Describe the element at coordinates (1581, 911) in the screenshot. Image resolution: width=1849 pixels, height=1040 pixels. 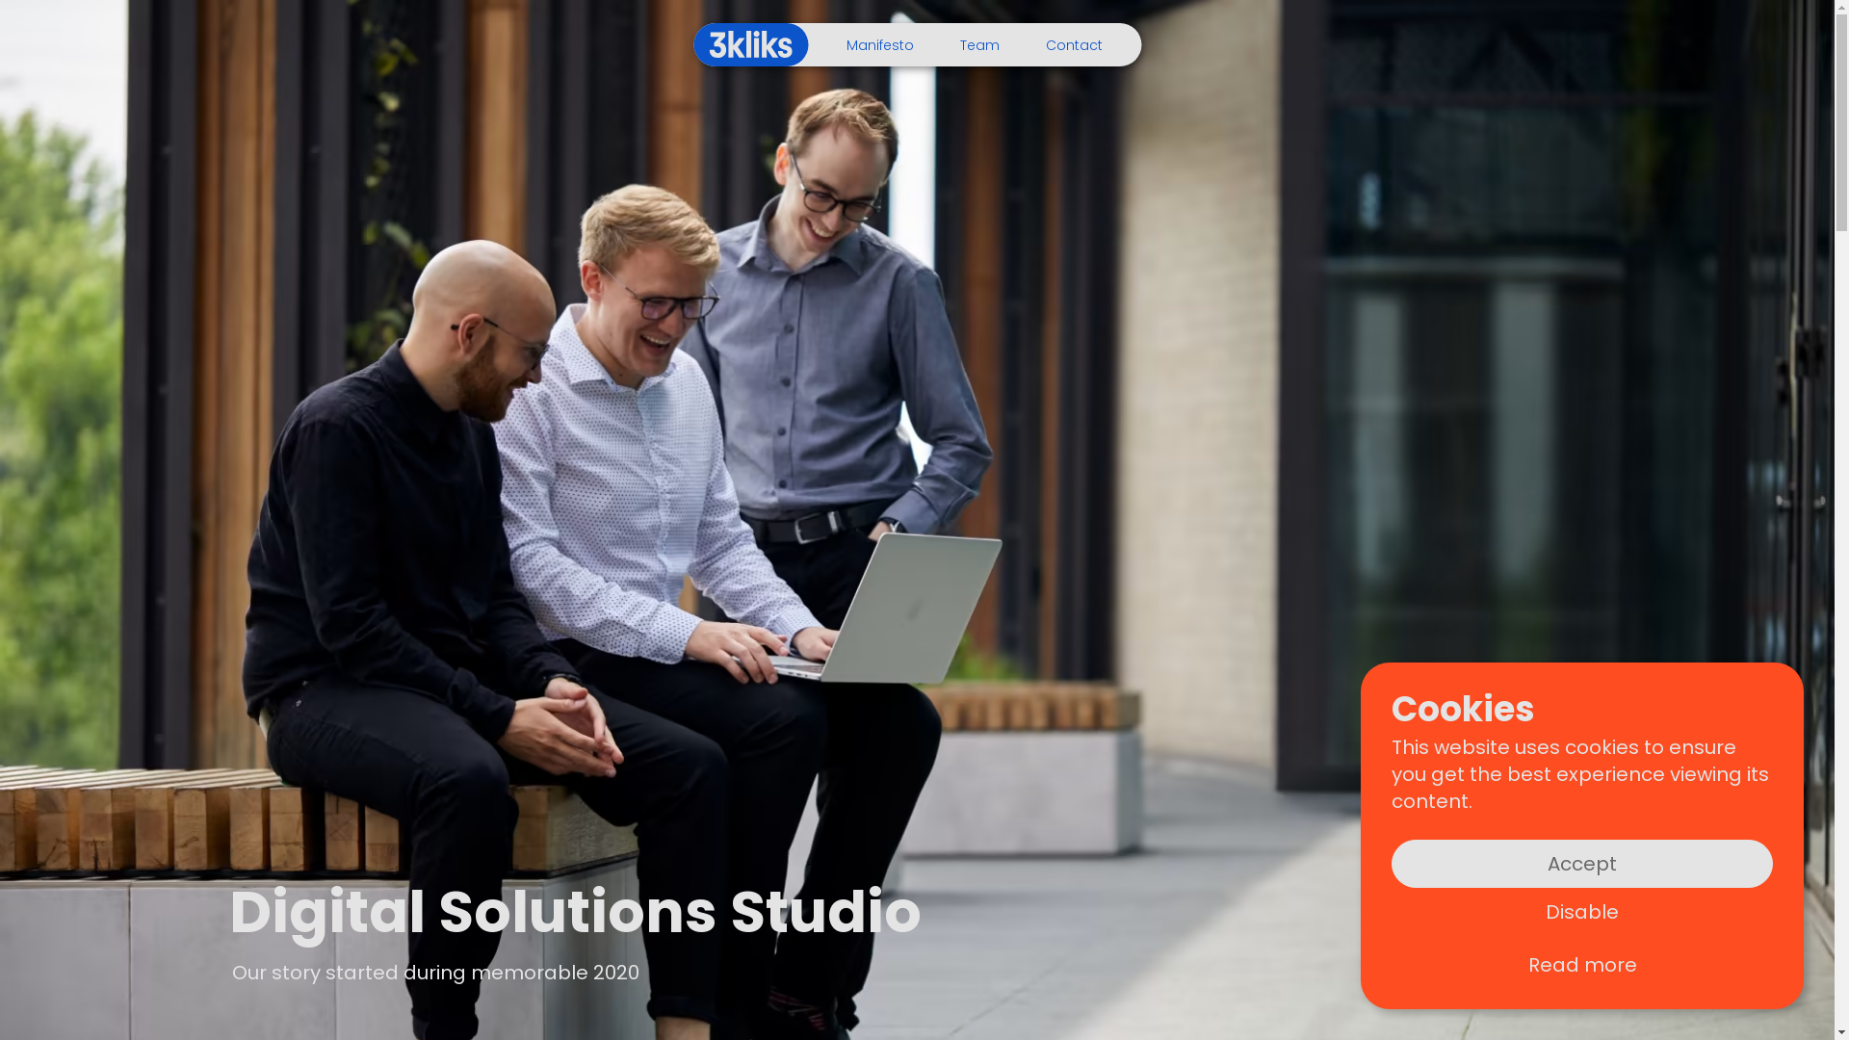
I see `'Disable'` at that location.